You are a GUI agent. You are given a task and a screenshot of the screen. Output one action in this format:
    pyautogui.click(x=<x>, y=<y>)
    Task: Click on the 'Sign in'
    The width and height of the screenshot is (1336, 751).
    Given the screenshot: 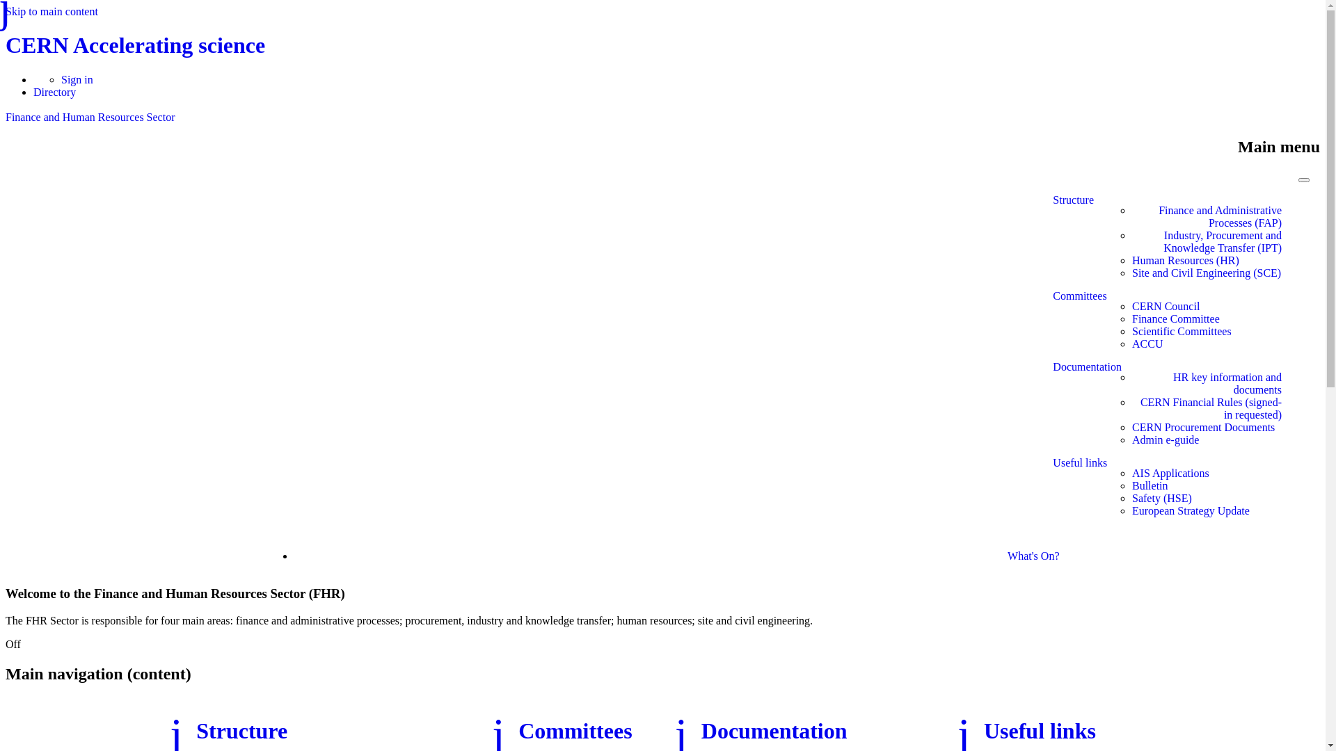 What is the action you would take?
    pyautogui.click(x=76, y=79)
    